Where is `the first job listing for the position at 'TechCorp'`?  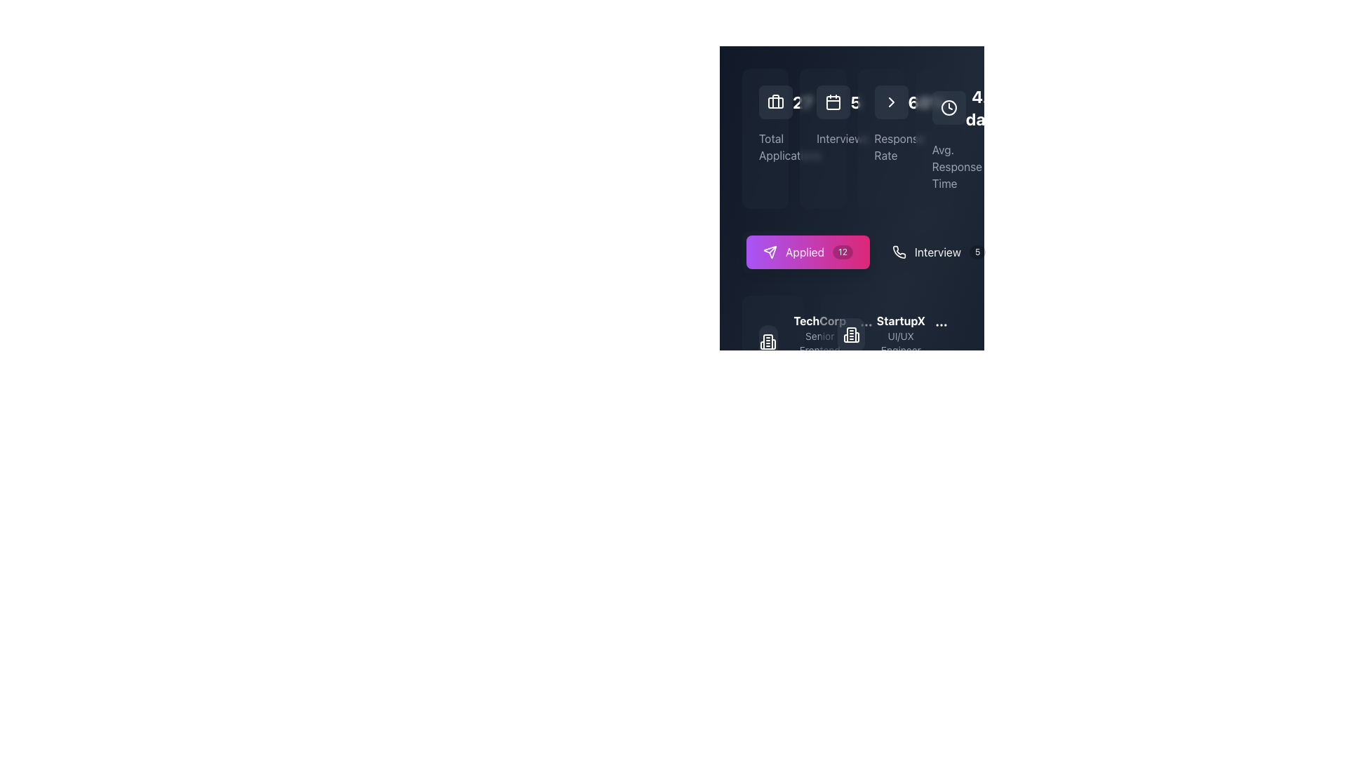
the first job listing for the position at 'TechCorp' is located at coordinates (806, 342).